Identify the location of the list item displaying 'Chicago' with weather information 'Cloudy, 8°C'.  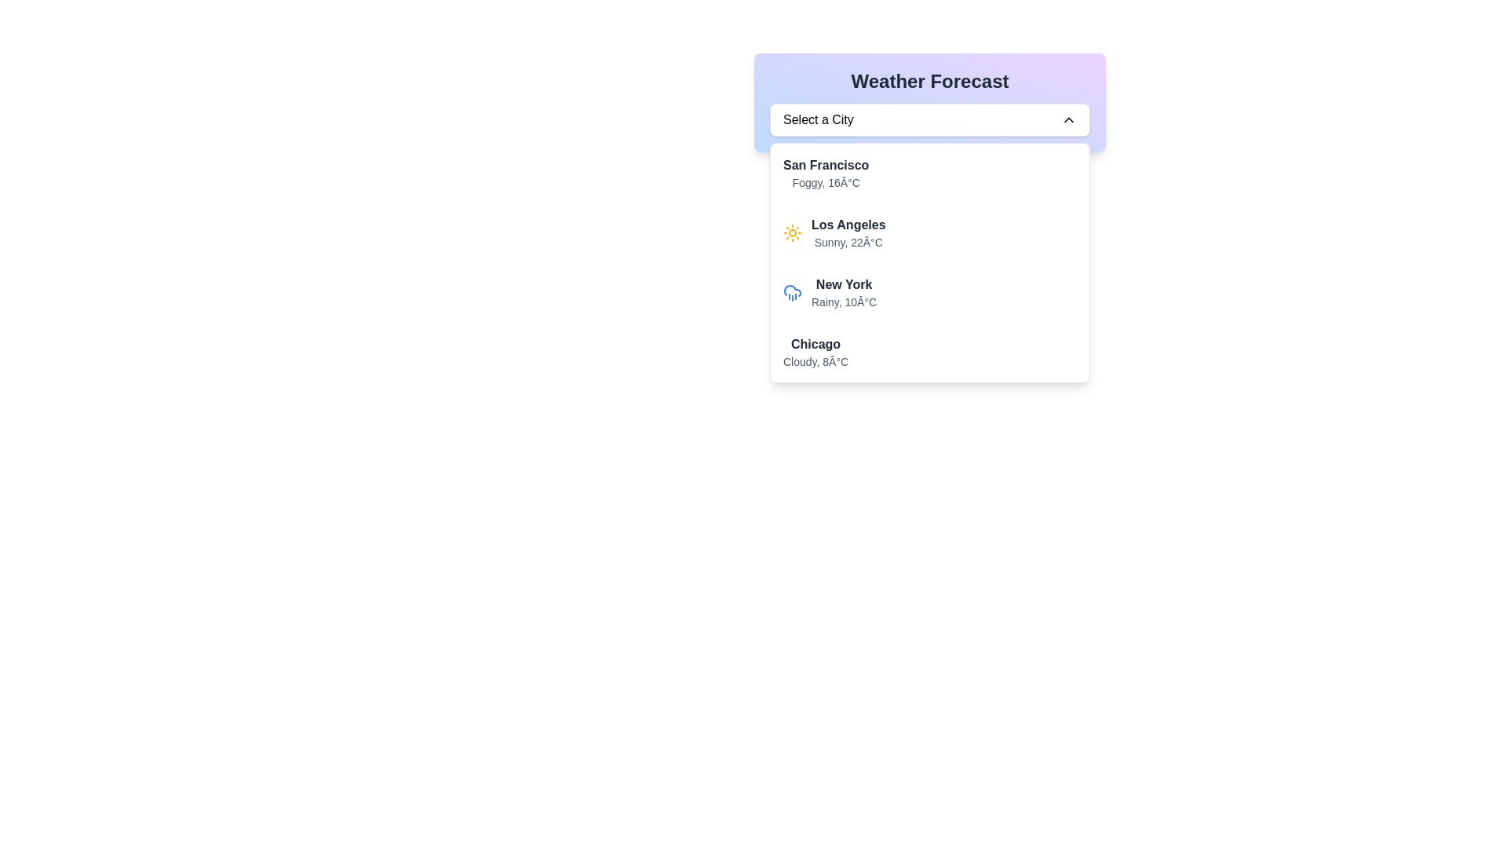
(930, 351).